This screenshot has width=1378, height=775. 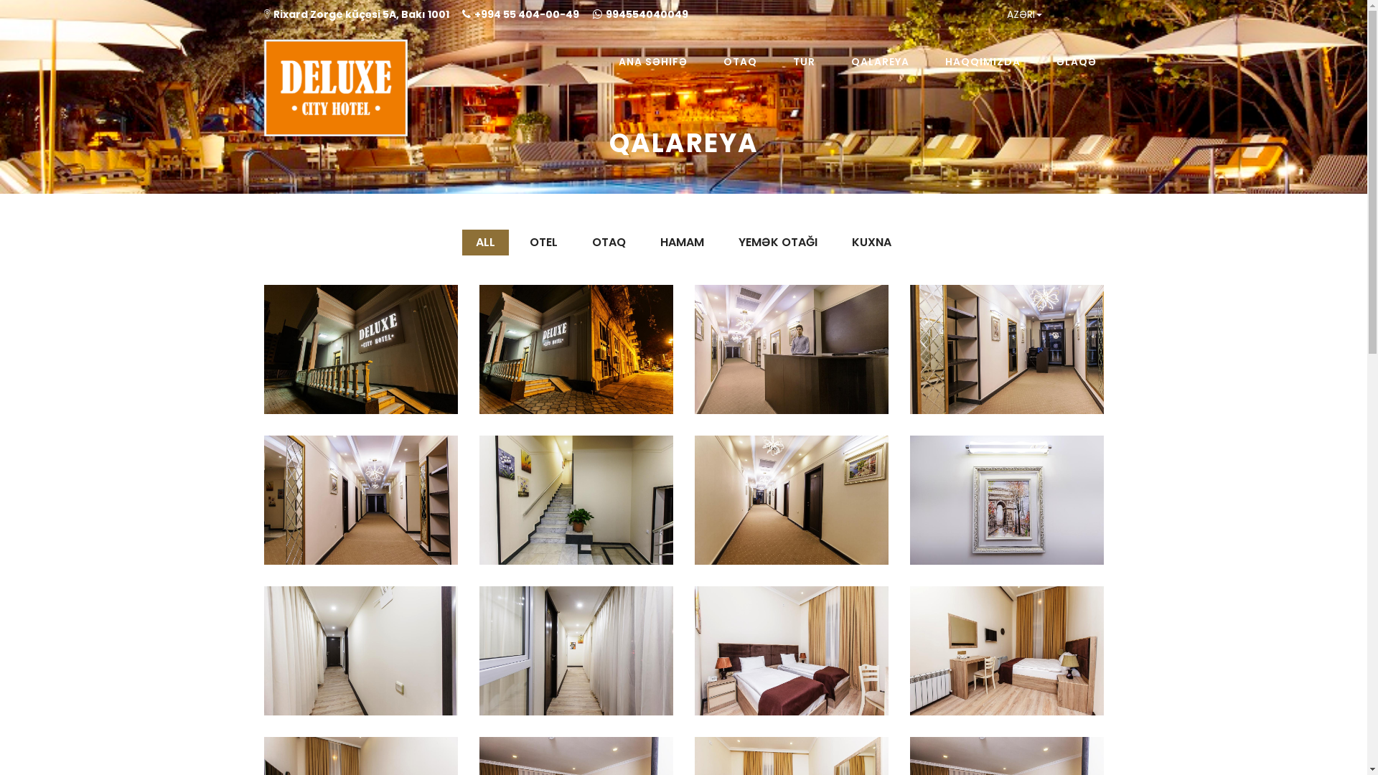 I want to click on 'OTAQ', so click(x=740, y=60).